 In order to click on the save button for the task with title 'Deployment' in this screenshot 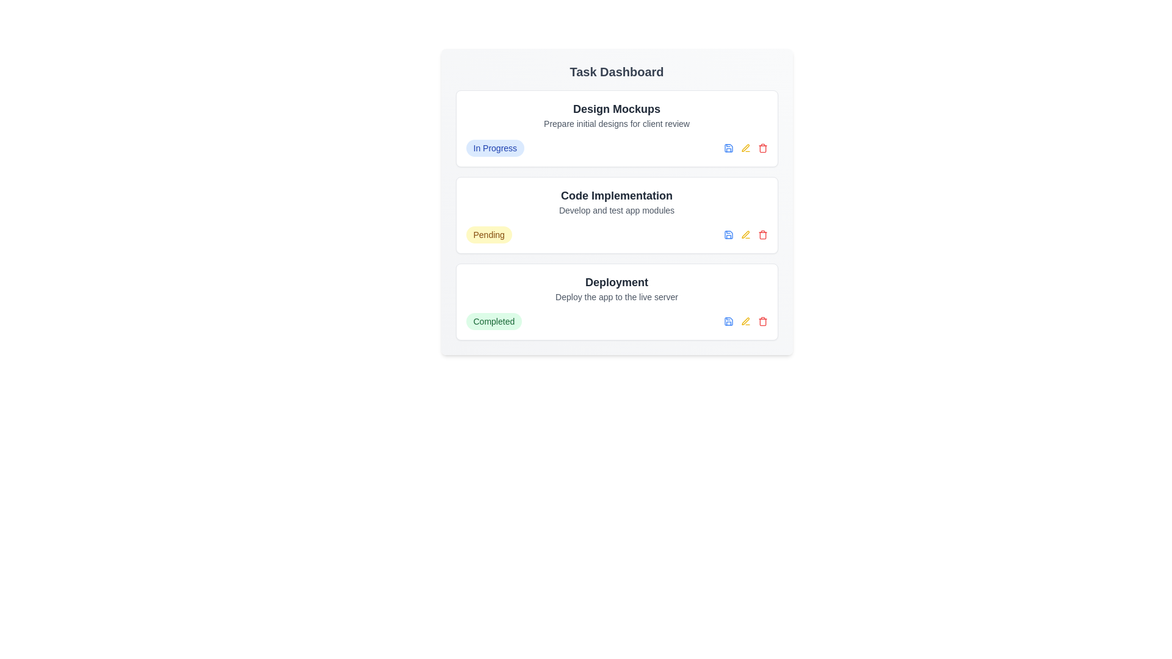, I will do `click(728, 321)`.